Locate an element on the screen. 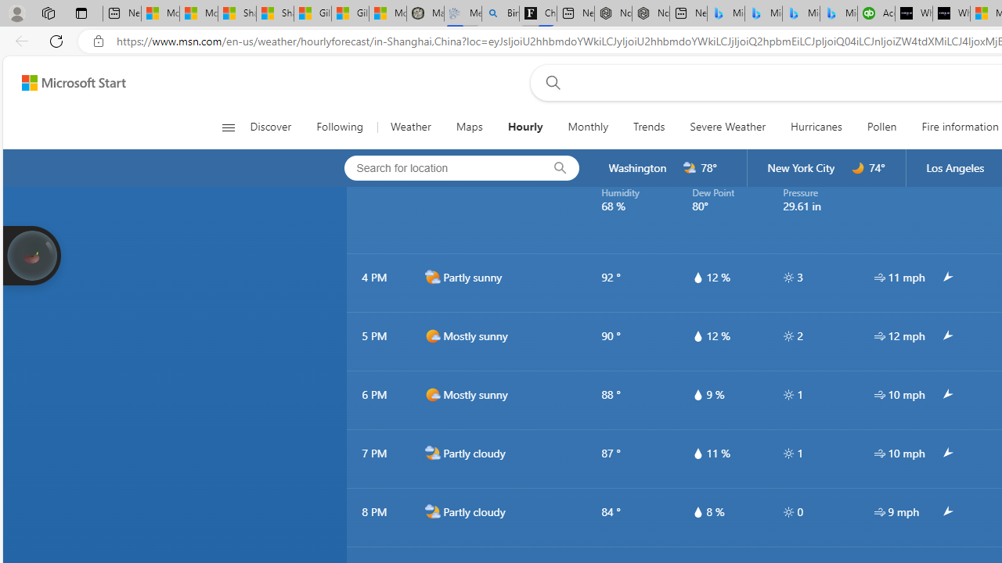 This screenshot has height=563, width=1002. 'Trends' is located at coordinates (650, 127).